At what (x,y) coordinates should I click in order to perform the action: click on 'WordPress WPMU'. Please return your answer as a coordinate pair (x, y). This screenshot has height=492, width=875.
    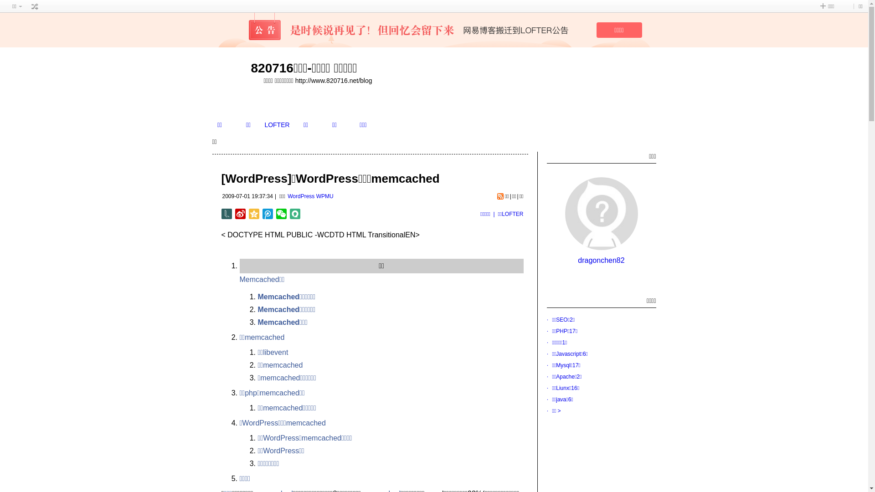
    Looking at the image, I should click on (310, 196).